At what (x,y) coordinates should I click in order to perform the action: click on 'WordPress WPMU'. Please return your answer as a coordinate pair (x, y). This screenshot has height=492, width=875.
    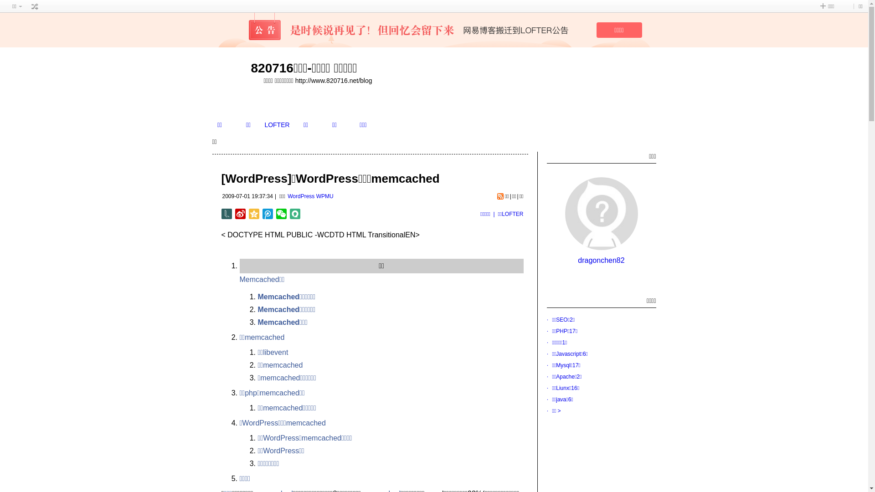
    Looking at the image, I should click on (310, 196).